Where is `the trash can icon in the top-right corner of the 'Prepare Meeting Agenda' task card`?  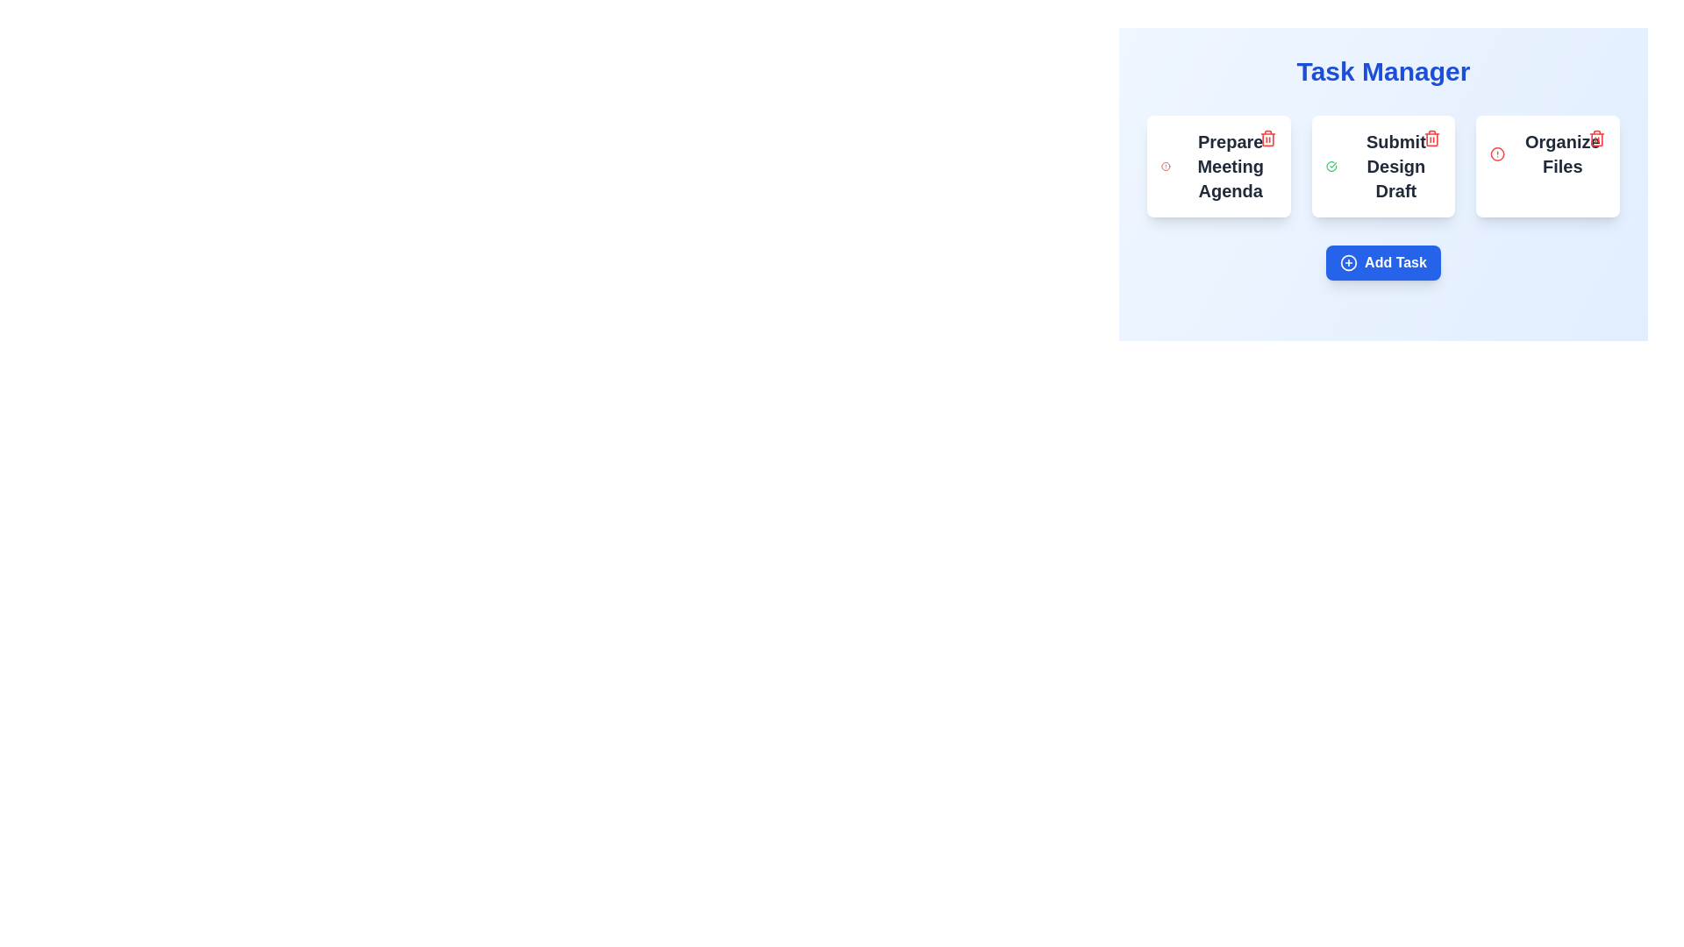
the trash can icon in the top-right corner of the 'Prepare Meeting Agenda' task card is located at coordinates (1267, 138).